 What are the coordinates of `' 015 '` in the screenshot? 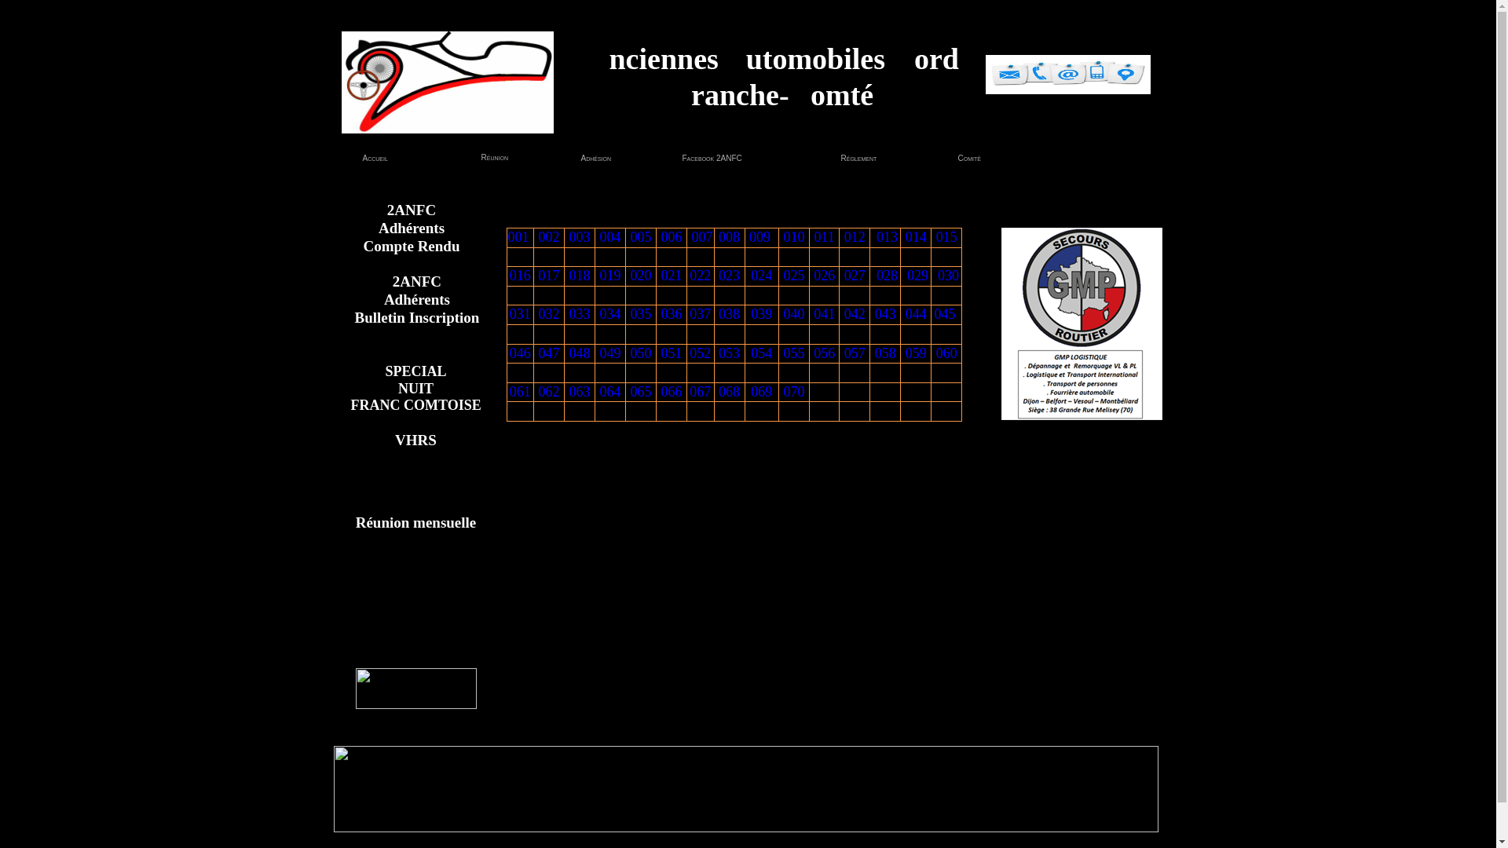 It's located at (945, 236).